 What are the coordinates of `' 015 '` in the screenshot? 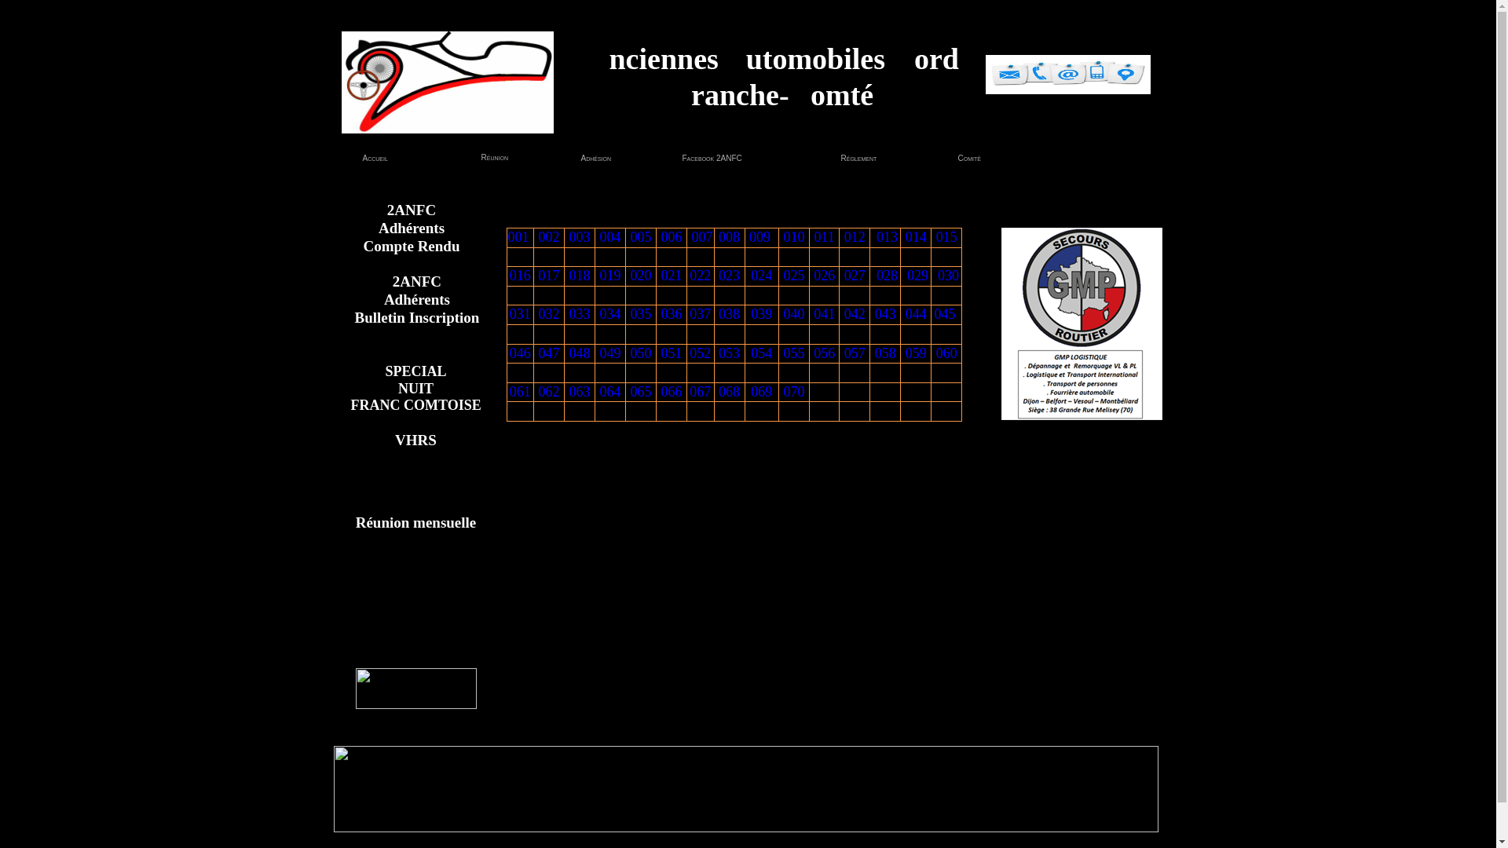 It's located at (945, 236).